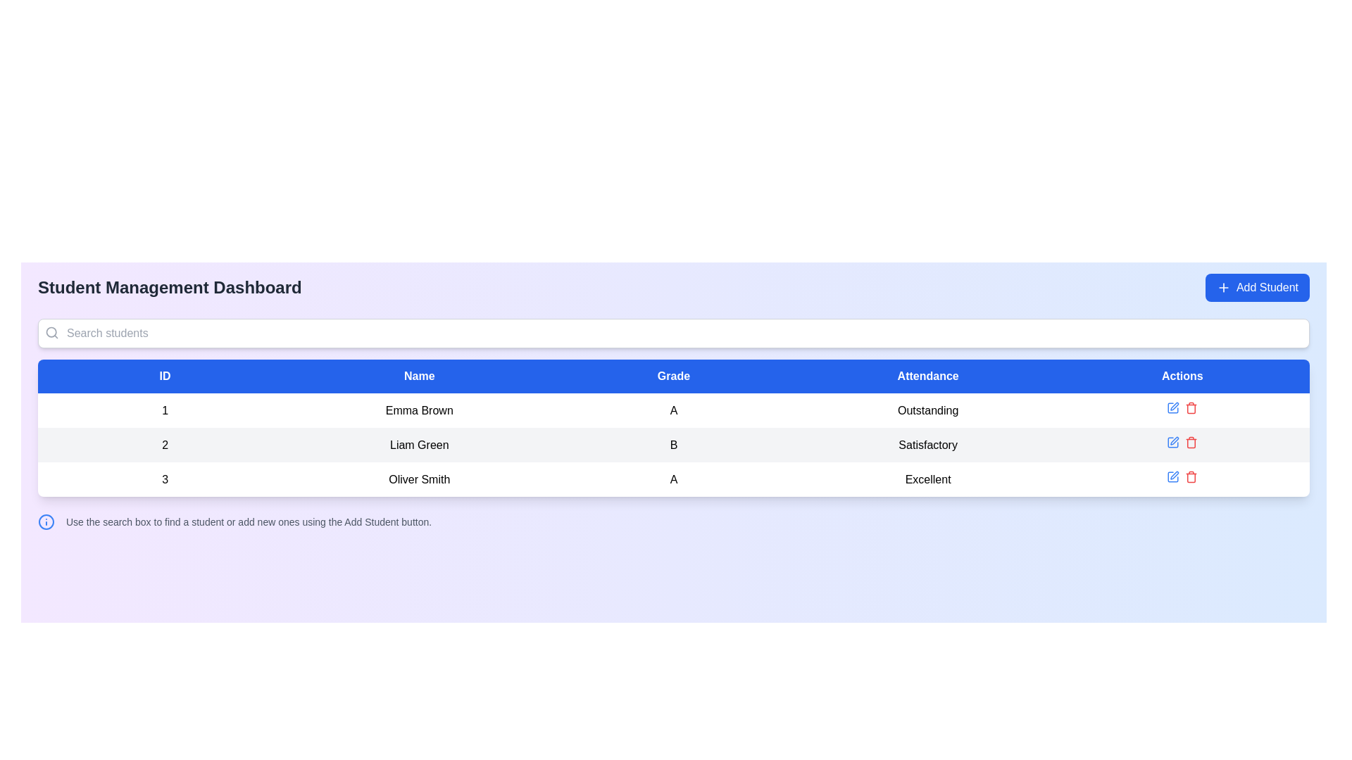  I want to click on the 'Satisfactory' label in the Attendance column associated with 'Liam Green' in the student management table, so click(928, 445).